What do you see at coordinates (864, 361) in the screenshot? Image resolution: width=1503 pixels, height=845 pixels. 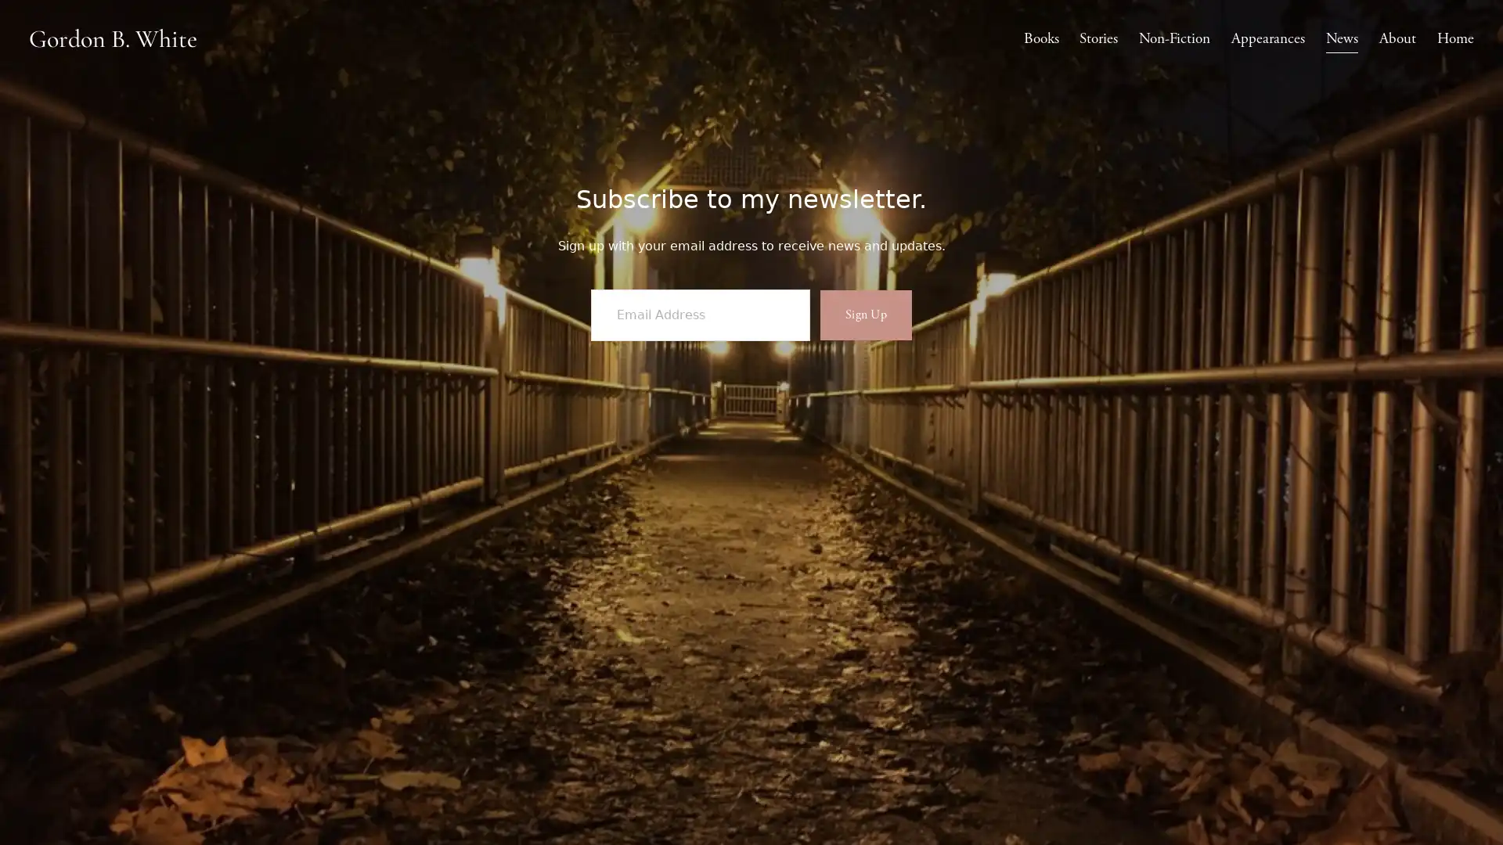 I see `Sign Up` at bounding box center [864, 361].